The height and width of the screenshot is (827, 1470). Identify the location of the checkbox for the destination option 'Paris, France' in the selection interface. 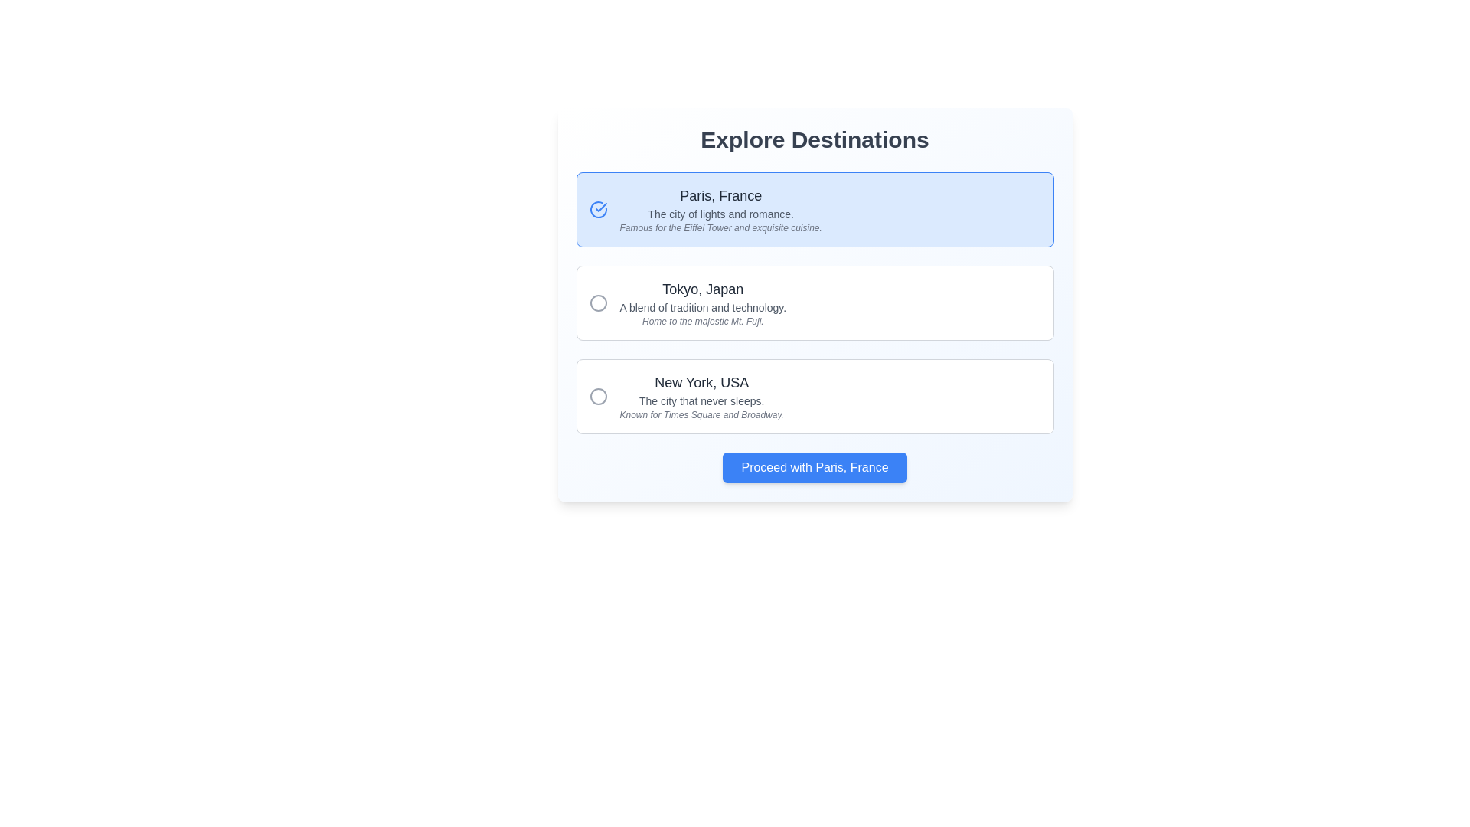
(814, 209).